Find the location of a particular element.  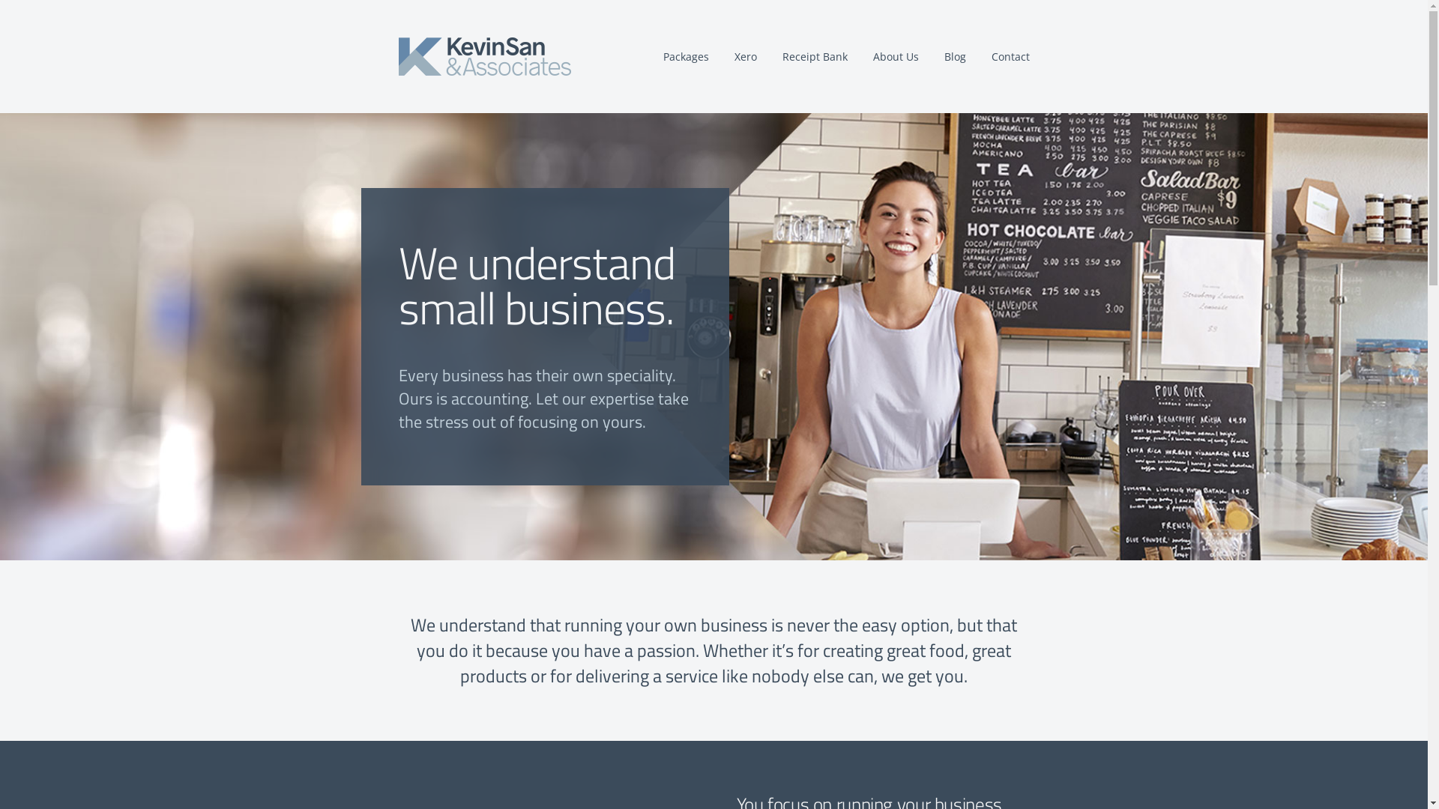

'About Us' is located at coordinates (895, 55).